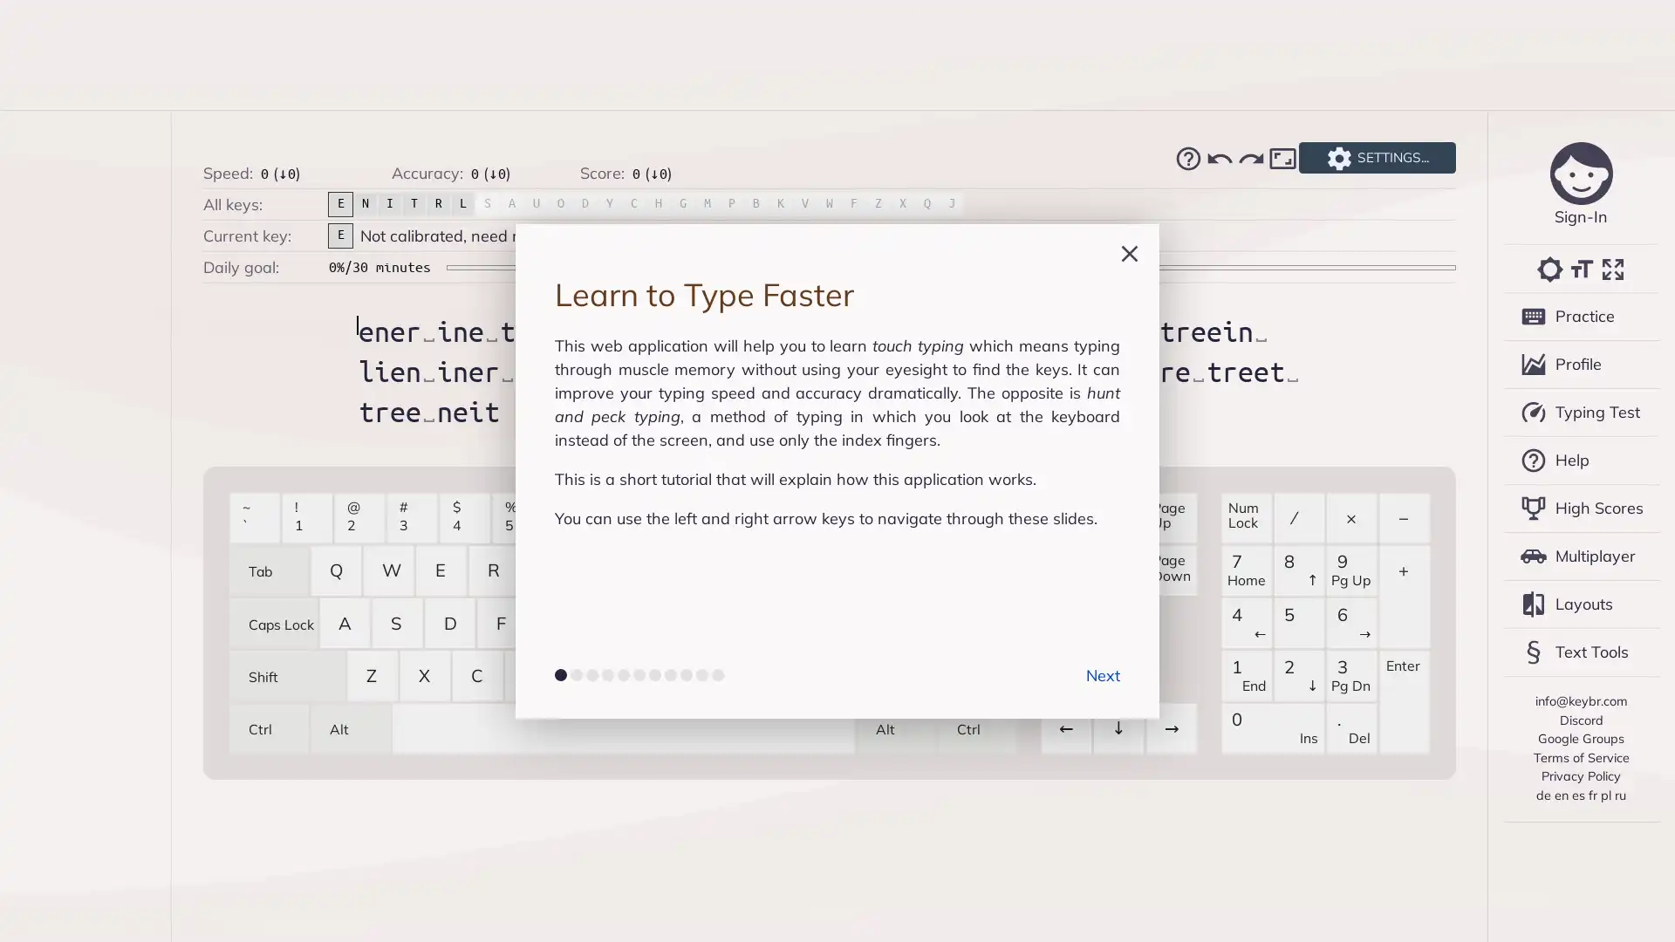 The width and height of the screenshot is (1675, 942). Describe the element at coordinates (1611, 269) in the screenshot. I see `Enter full-screen mode.` at that location.